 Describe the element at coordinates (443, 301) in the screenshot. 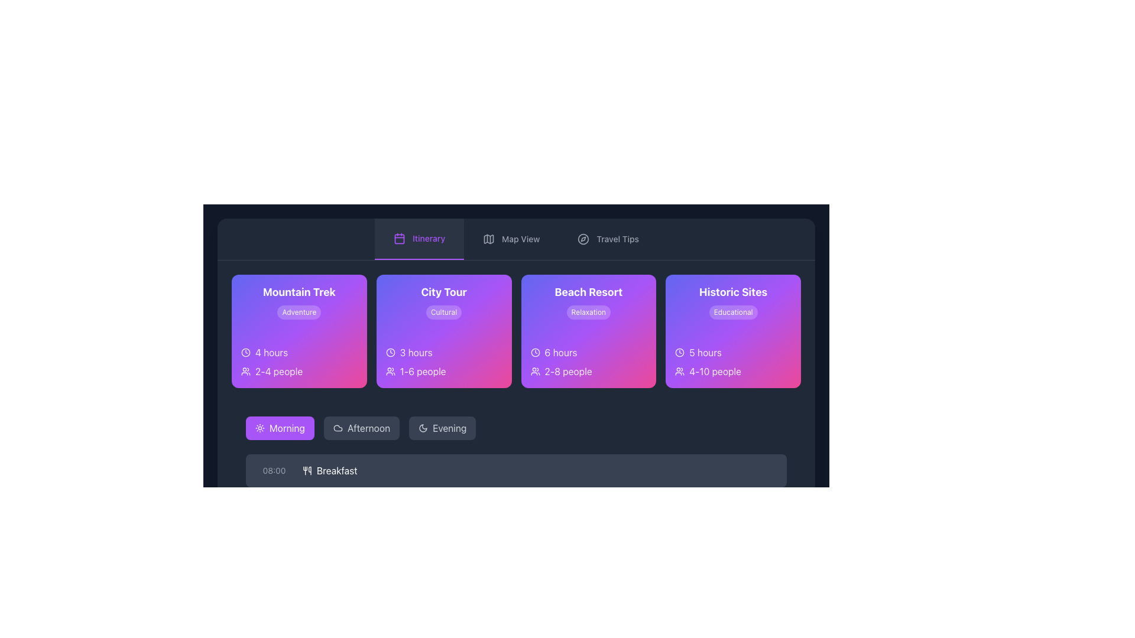

I see `text 'City Tour' from the Text and Badge Display, which features a bold white title and a rounded tag labeled 'Cultural' on a purple-gradient background` at that location.